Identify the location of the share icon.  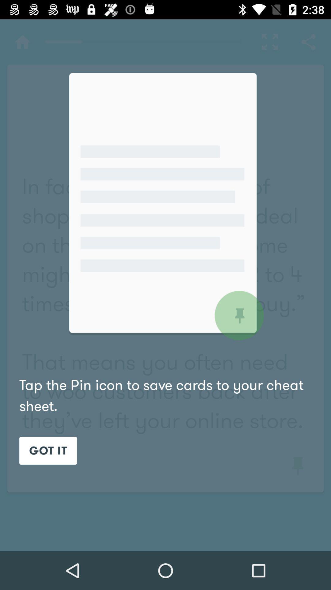
(308, 41).